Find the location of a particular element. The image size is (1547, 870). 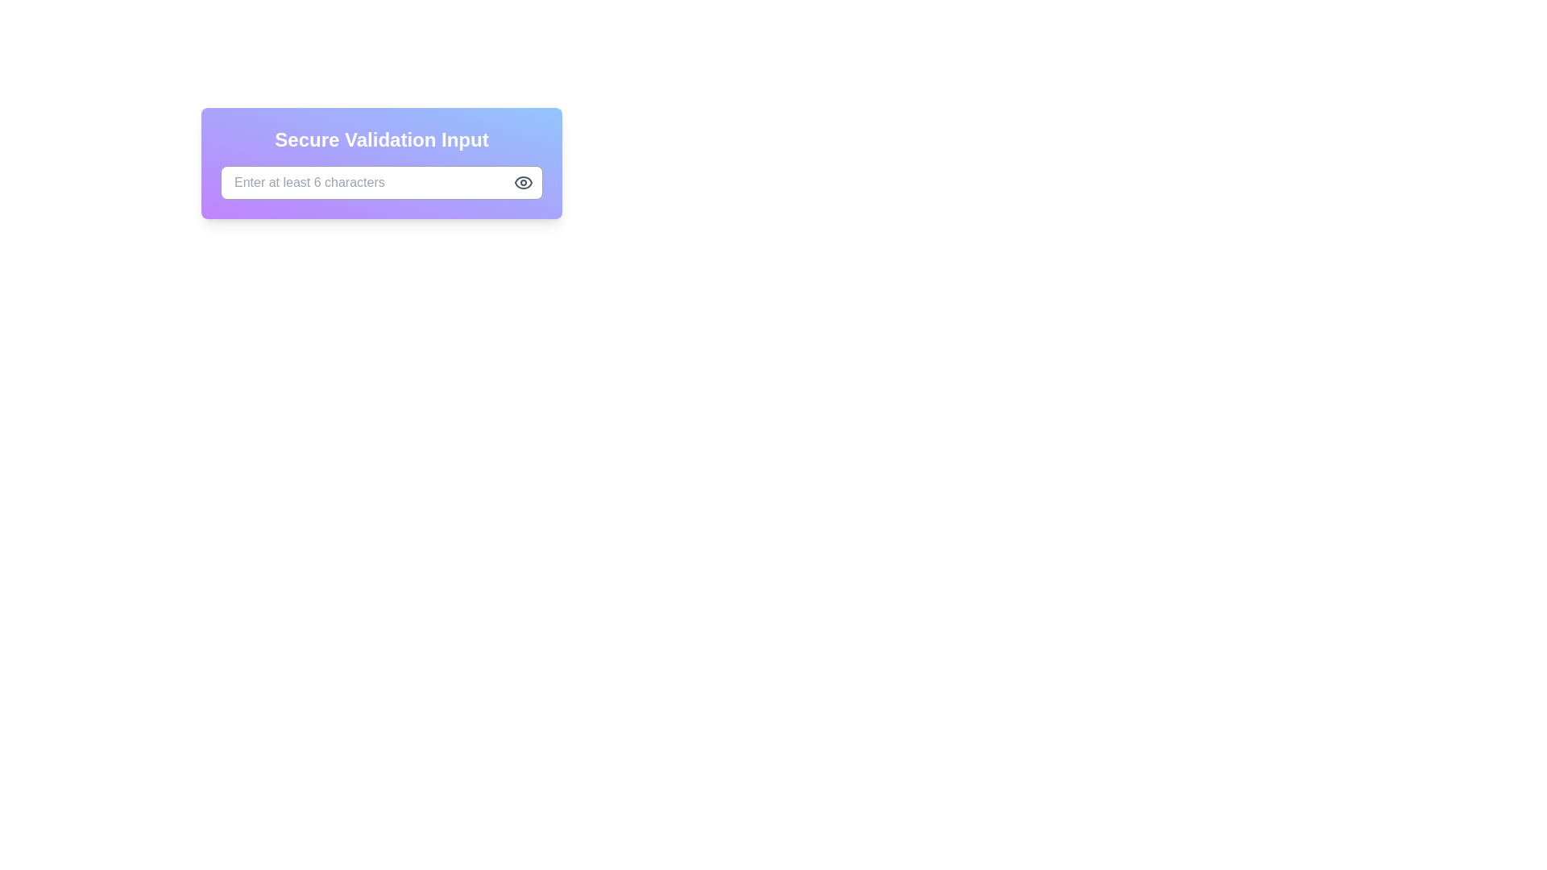

the composite UI component titled 'Secure Validation Input' which includes an input field and an eye icon is located at coordinates (381, 164).